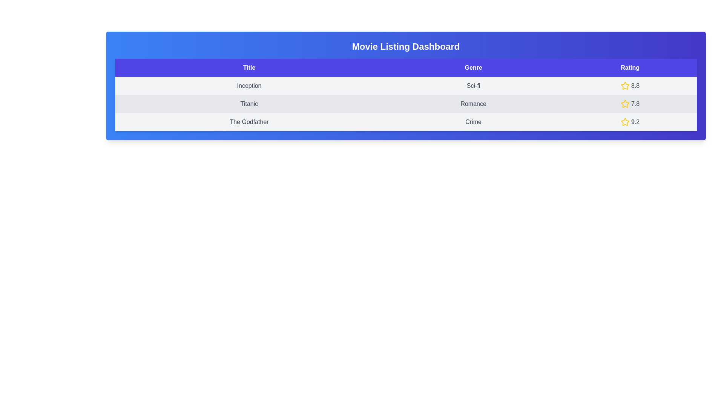  Describe the element at coordinates (249, 85) in the screenshot. I see `the 'Inception' text label, which is a bold, centered text located in the first column of the first row under the 'Title' header in a table format` at that location.